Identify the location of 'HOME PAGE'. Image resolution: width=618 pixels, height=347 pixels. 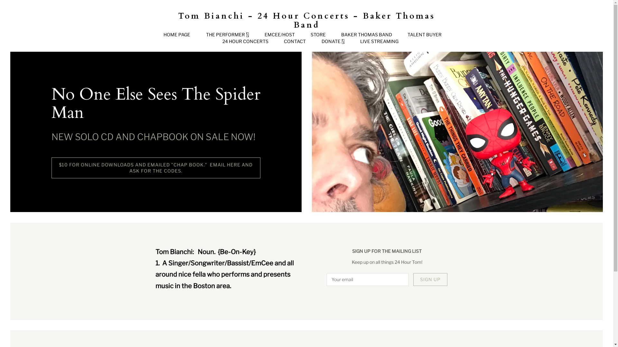
(177, 35).